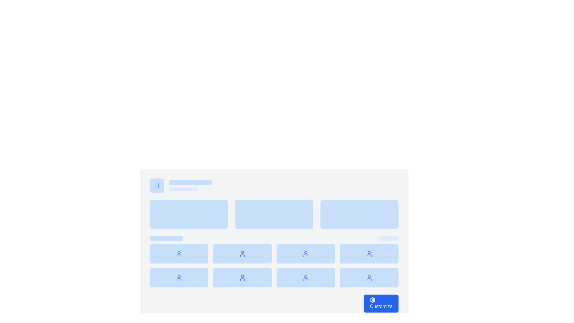 The image size is (574, 323). Describe the element at coordinates (306, 278) in the screenshot. I see `the user profile widget located in the fourth column of the fourth row for reordering` at that location.